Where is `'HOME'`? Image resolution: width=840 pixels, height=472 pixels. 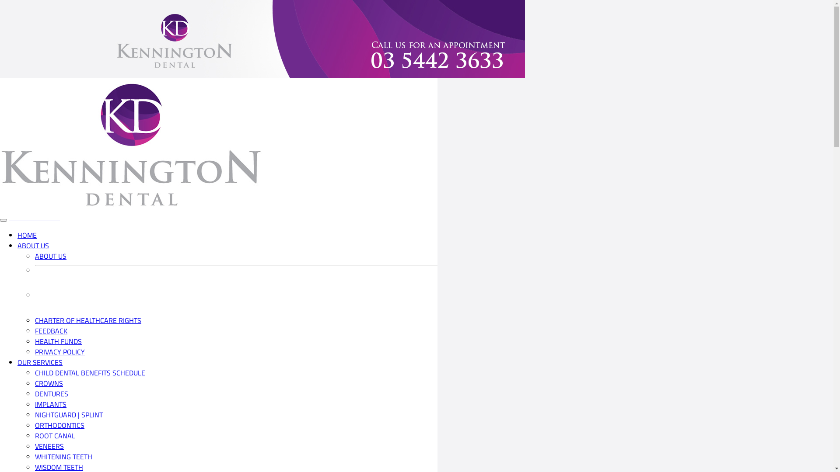
'HOME' is located at coordinates (27, 234).